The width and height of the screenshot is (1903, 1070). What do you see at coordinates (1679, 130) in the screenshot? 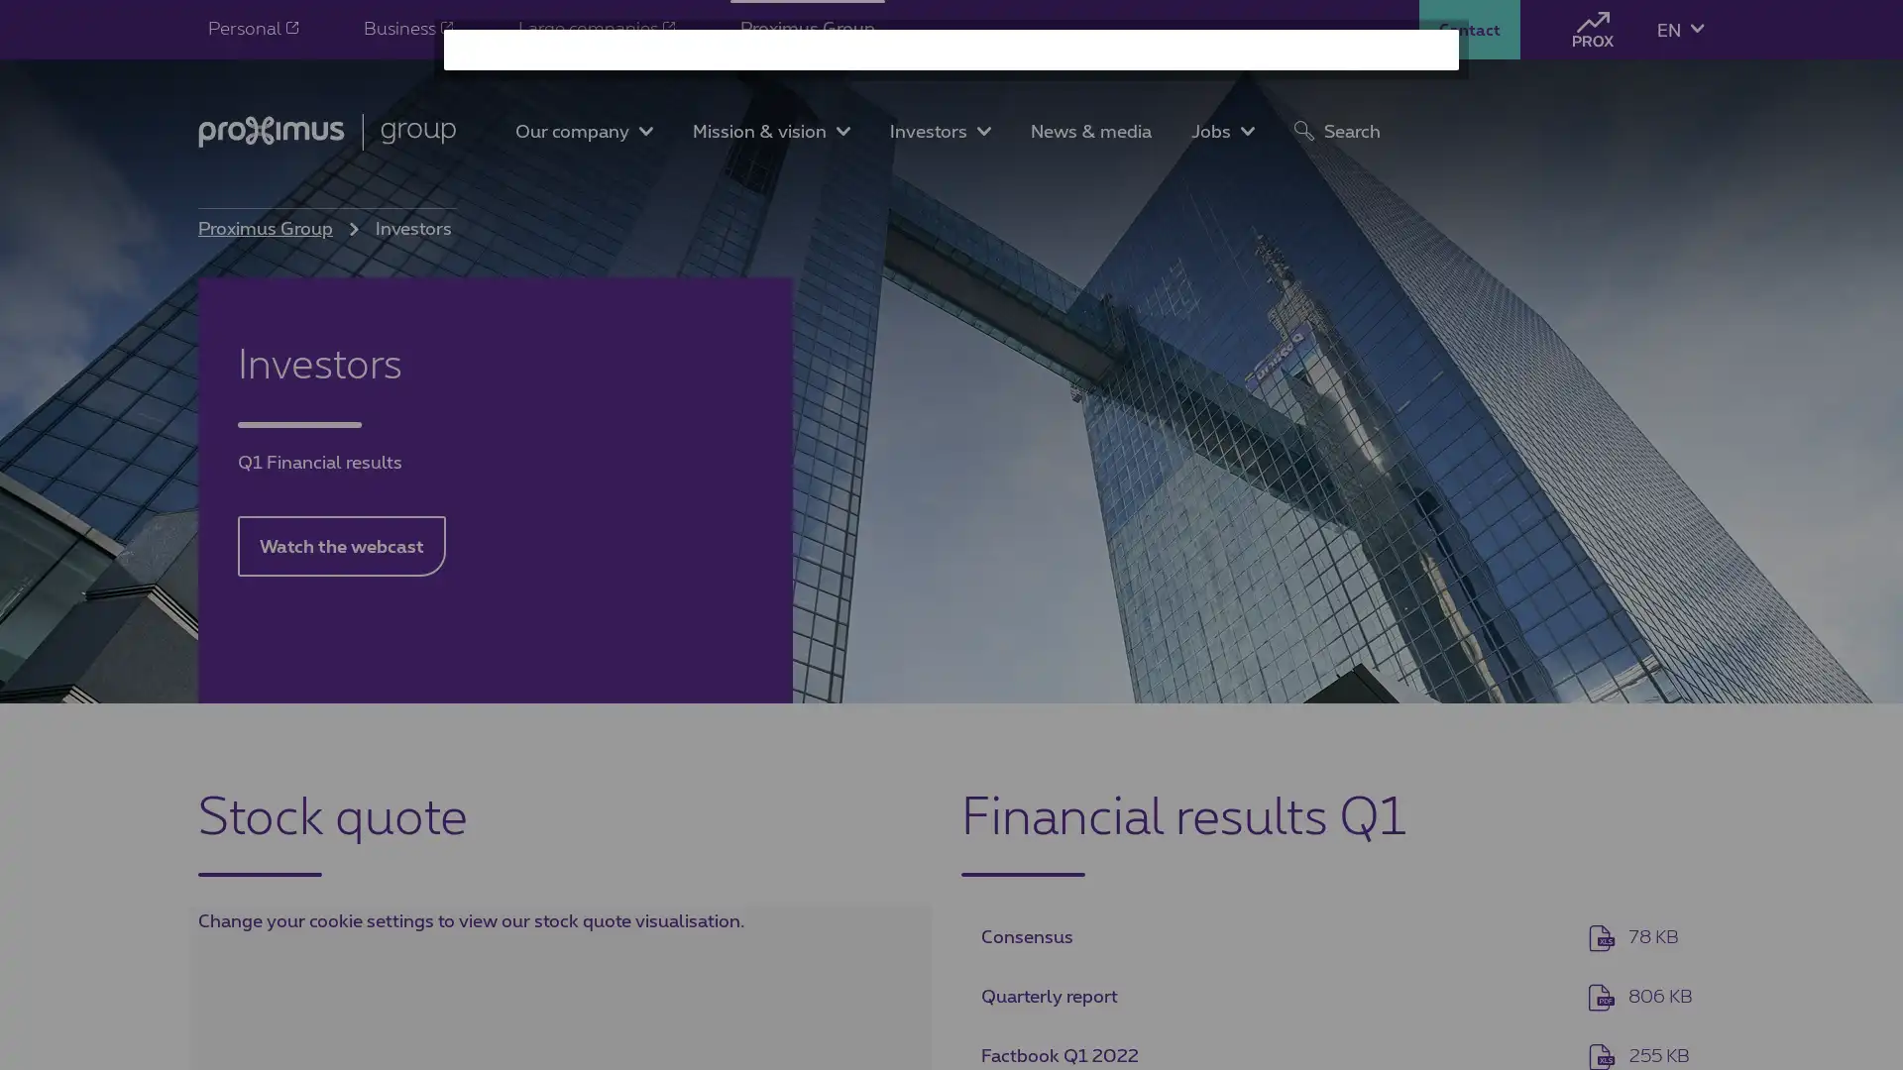
I see `NEW LANGUAGE: NL` at bounding box center [1679, 130].